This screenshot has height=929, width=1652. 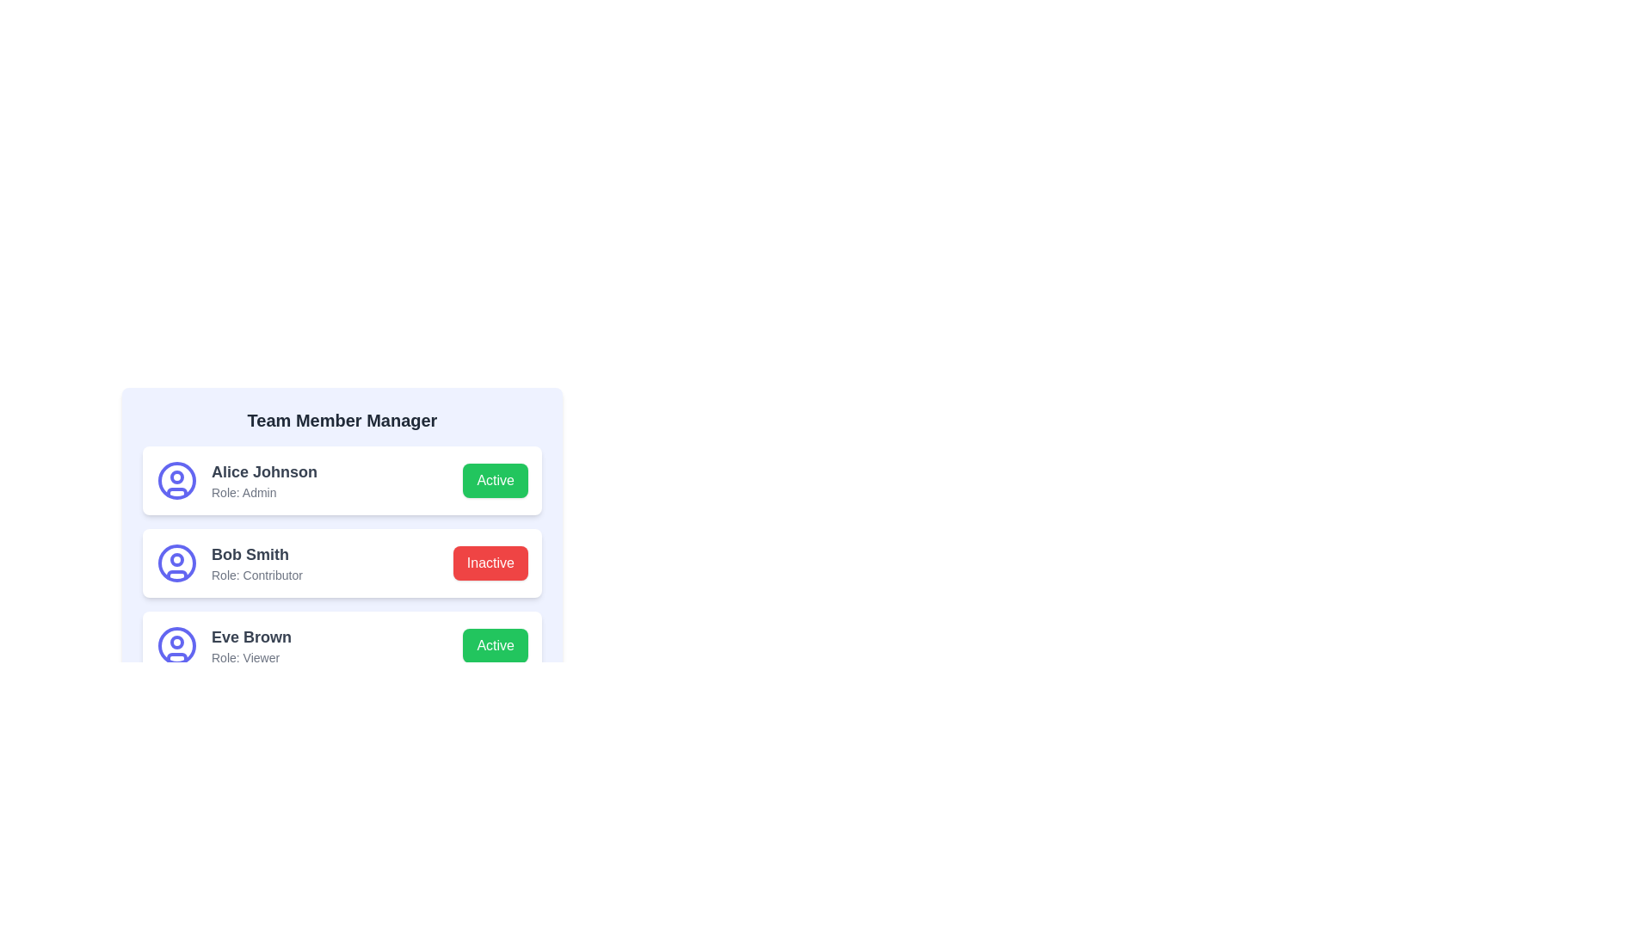 I want to click on the status indicator button for user 'Eve Brown', so click(x=495, y=646).